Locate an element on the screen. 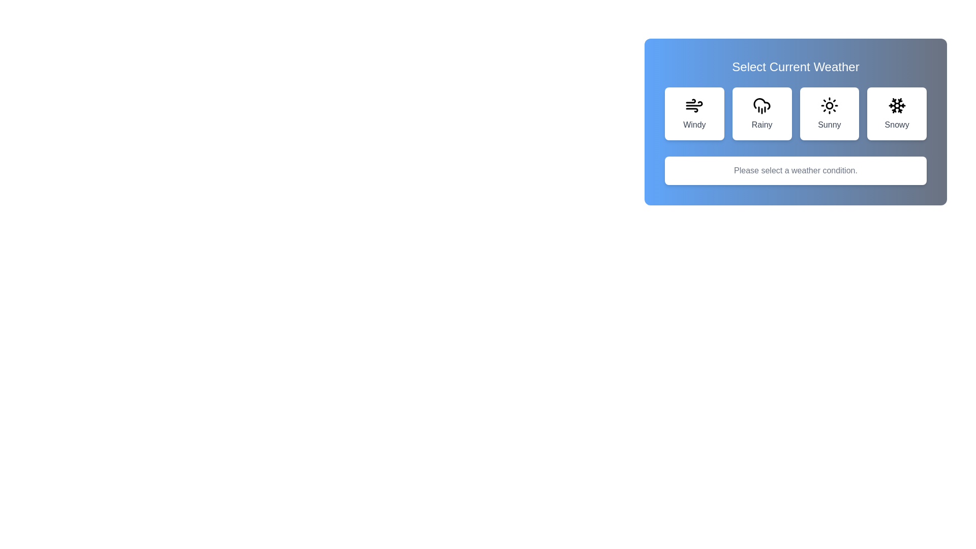  the weather option Snowy is located at coordinates (896, 113).